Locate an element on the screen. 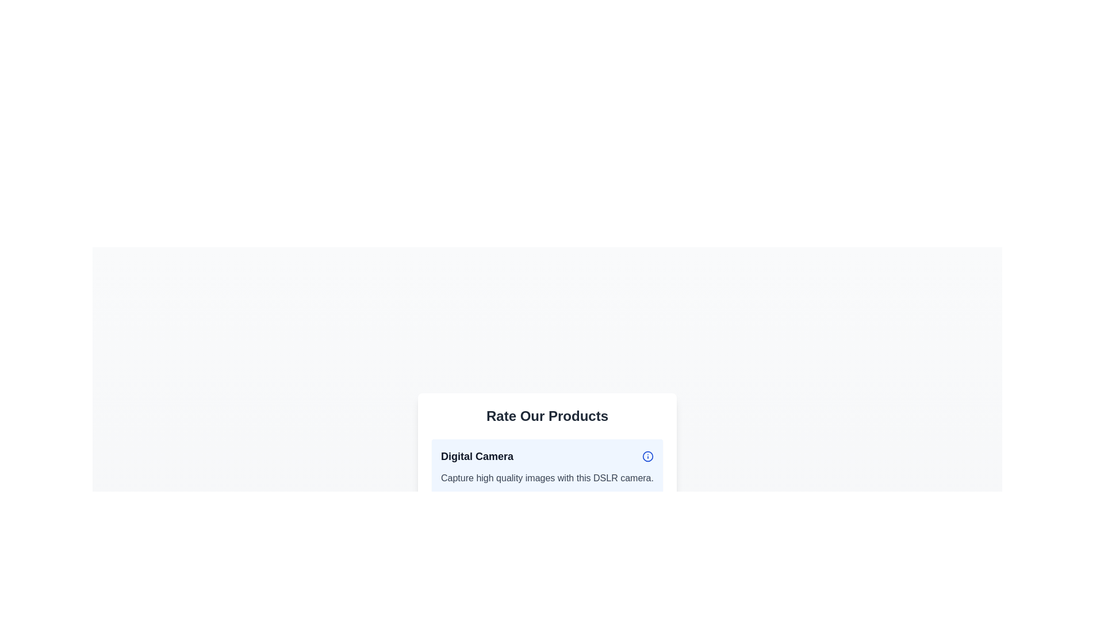 The image size is (1104, 621). the product title 'Digital Camera' to interact with it is located at coordinates (546, 456).